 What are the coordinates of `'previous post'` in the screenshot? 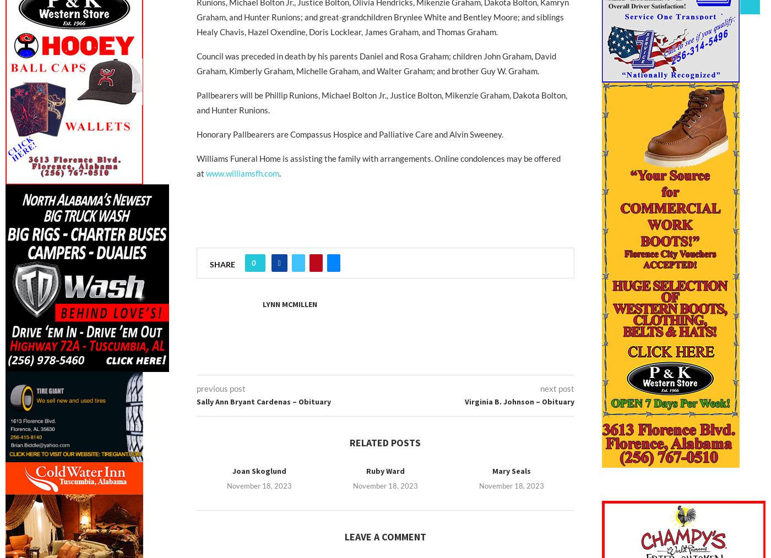 It's located at (196, 388).